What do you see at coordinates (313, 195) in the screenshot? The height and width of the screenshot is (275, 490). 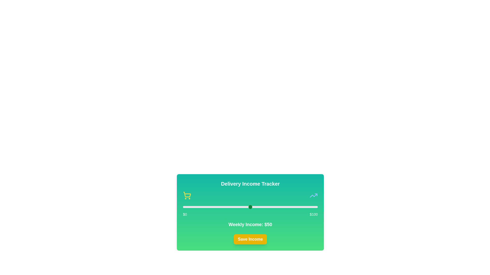 I see `the trending up icon` at bounding box center [313, 195].